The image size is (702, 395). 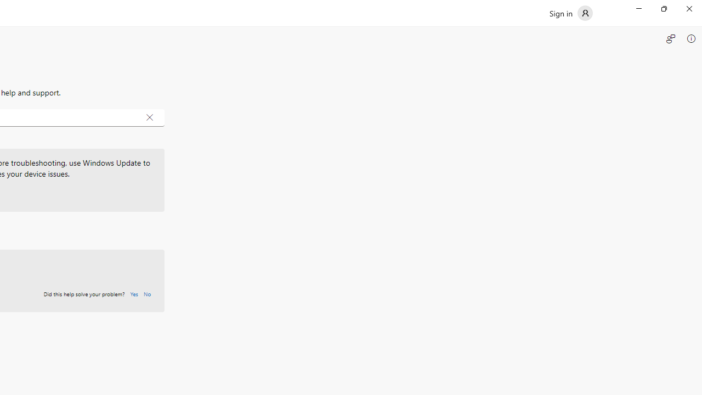 I want to click on 'Sign in', so click(x=570, y=13).